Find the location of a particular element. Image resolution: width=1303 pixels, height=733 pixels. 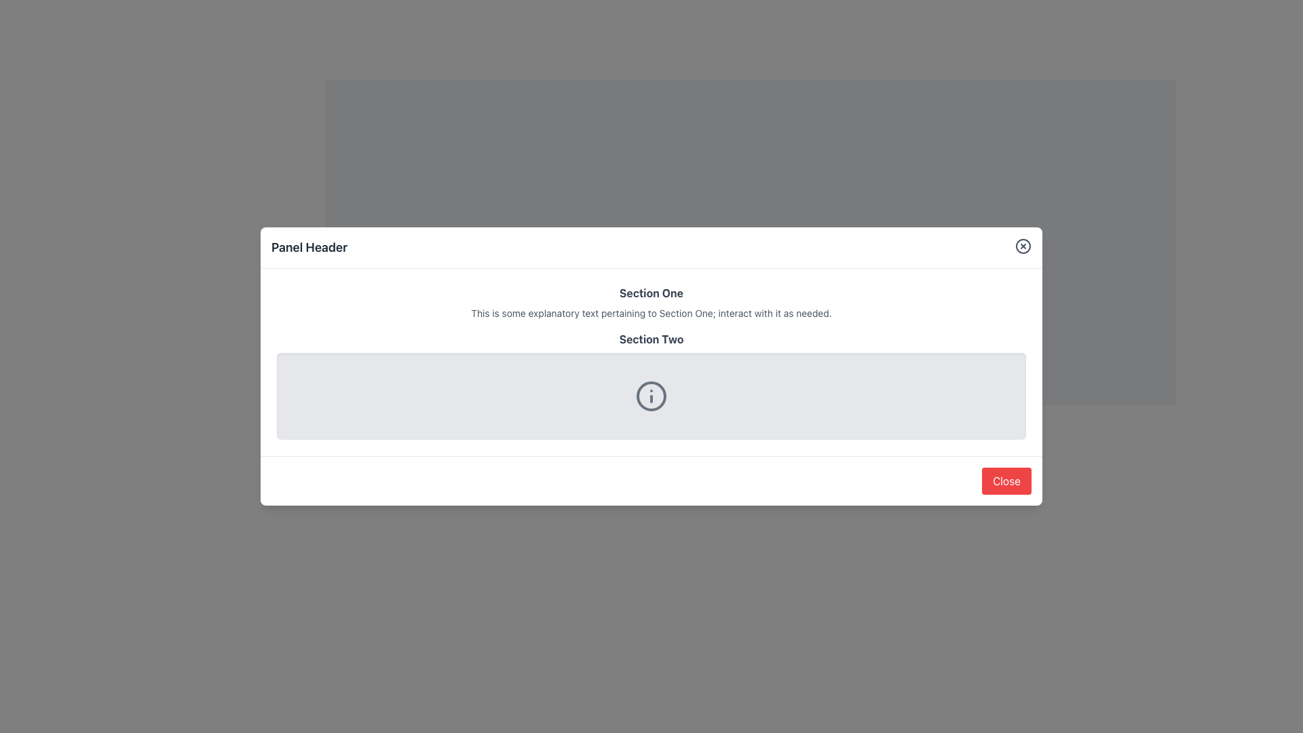

text from the Text block titled 'Section One', which contains explanatory text about this section is located at coordinates (651, 302).